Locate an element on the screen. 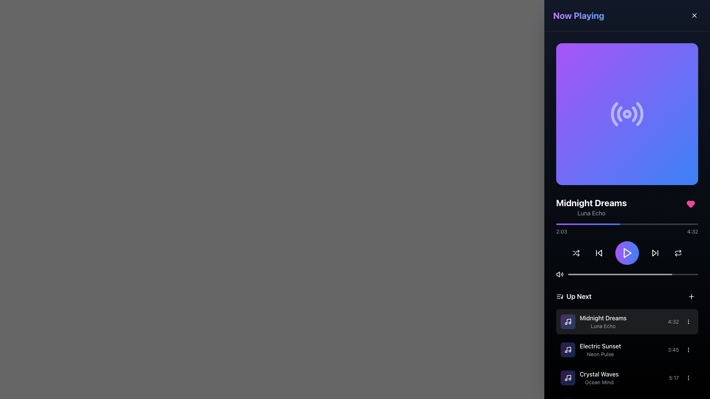 This screenshot has width=710, height=399. the favorite icon located to the right of the track name 'Midnight Dreams' is located at coordinates (690, 204).